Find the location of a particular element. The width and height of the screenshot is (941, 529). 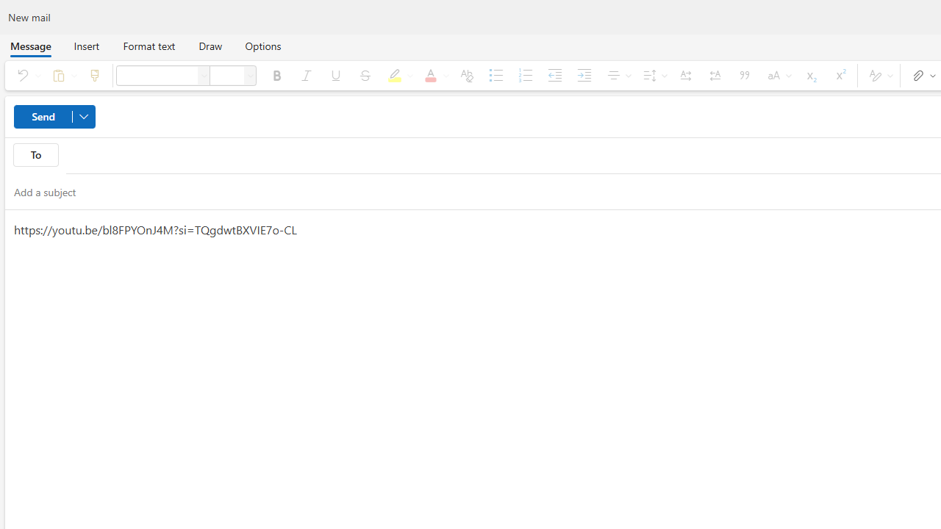

'Bullets' is located at coordinates (496, 75).